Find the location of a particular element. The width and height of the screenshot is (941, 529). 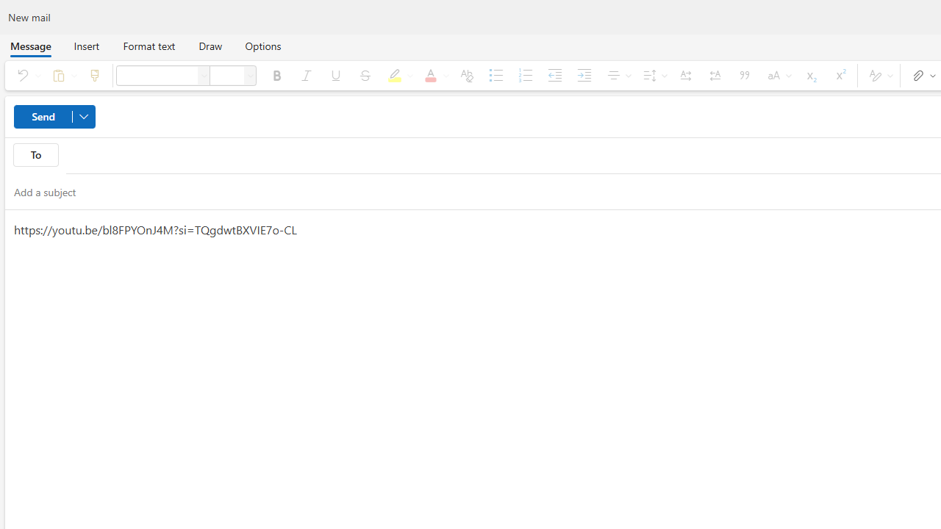

'Bullets' is located at coordinates (496, 75).